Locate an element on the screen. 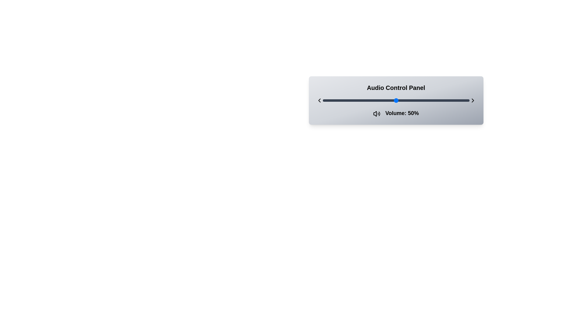  the slider is located at coordinates (385, 100).